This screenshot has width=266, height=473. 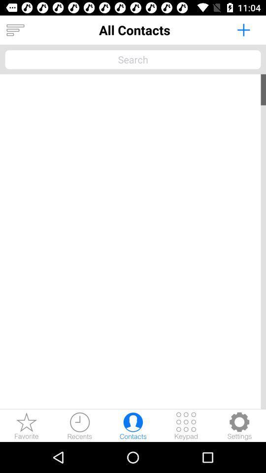 I want to click on contacts search, so click(x=133, y=59).